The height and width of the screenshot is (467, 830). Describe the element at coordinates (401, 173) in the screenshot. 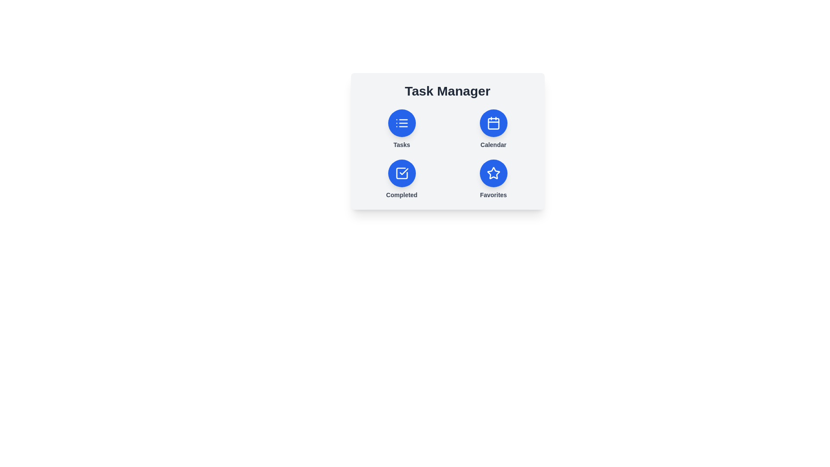

I see `the blue circular button with a white checkmark icon inside a square outline, located below the 'Completed' label in the bottom-left quadrant of the grid layout` at that location.